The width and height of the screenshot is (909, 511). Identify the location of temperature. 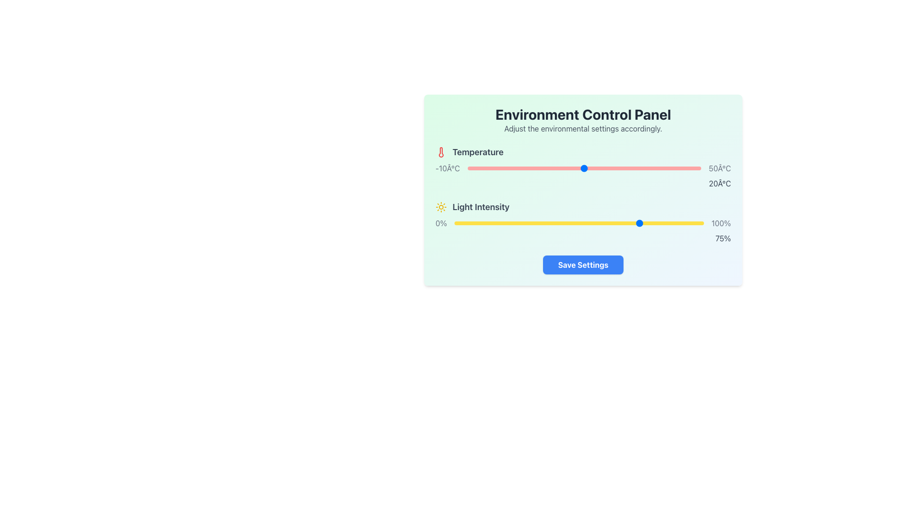
(576, 167).